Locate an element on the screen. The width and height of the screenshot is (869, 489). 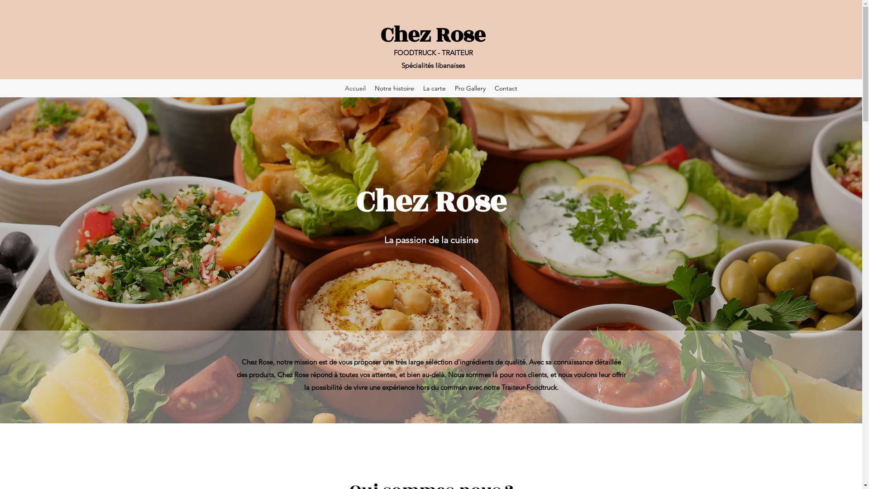
'Contact' is located at coordinates (490, 88).